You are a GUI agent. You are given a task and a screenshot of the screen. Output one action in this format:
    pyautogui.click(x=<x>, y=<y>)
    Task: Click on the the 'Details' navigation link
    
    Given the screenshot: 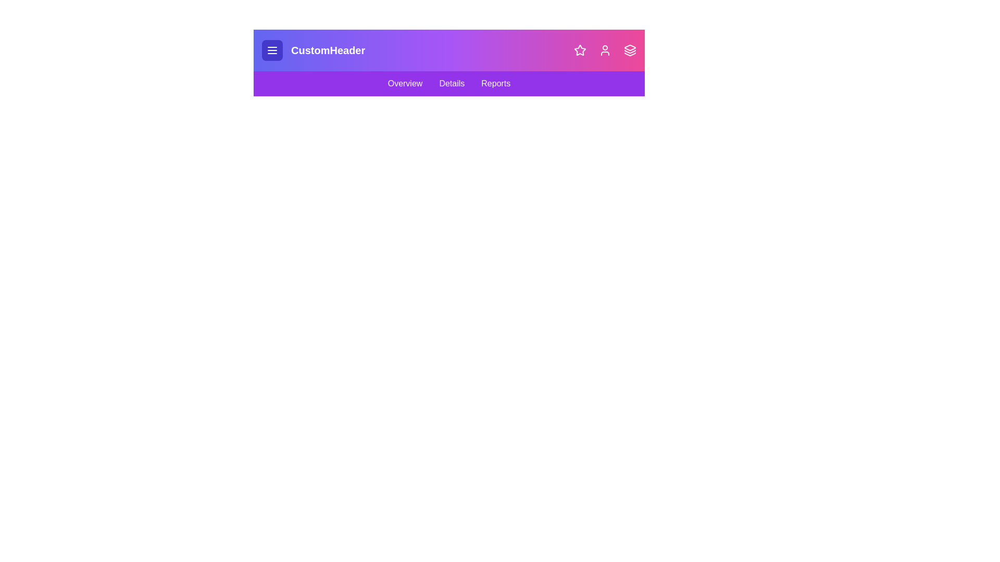 What is the action you would take?
    pyautogui.click(x=452, y=83)
    